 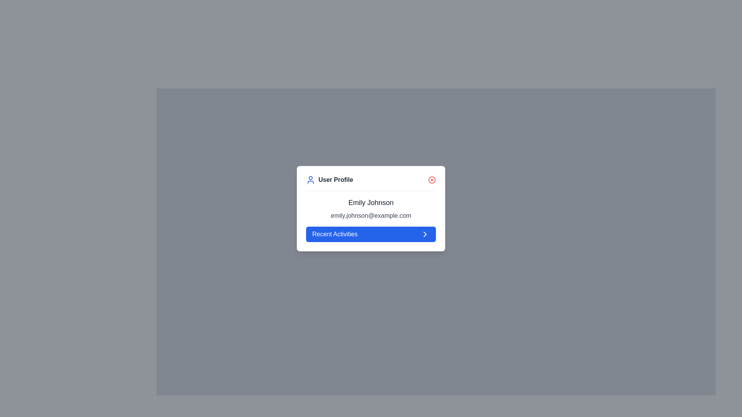 I want to click on the button that serves as a navigation link, so click(x=371, y=234).